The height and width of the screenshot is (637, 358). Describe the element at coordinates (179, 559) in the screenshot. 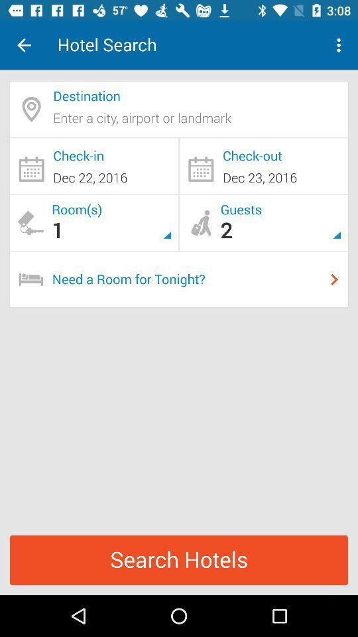

I see `the search hotels` at that location.